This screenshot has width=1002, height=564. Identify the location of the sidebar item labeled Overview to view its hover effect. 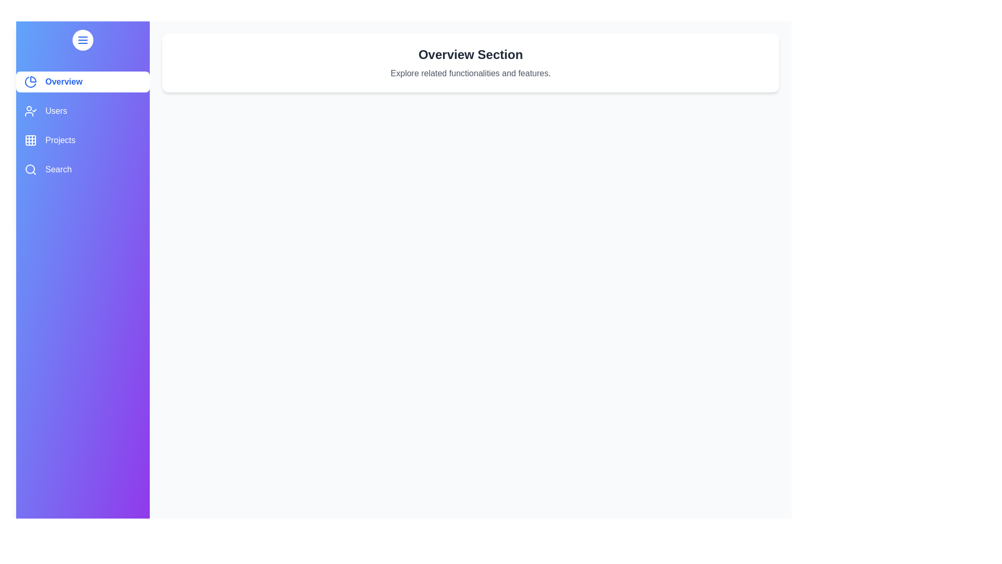
(82, 81).